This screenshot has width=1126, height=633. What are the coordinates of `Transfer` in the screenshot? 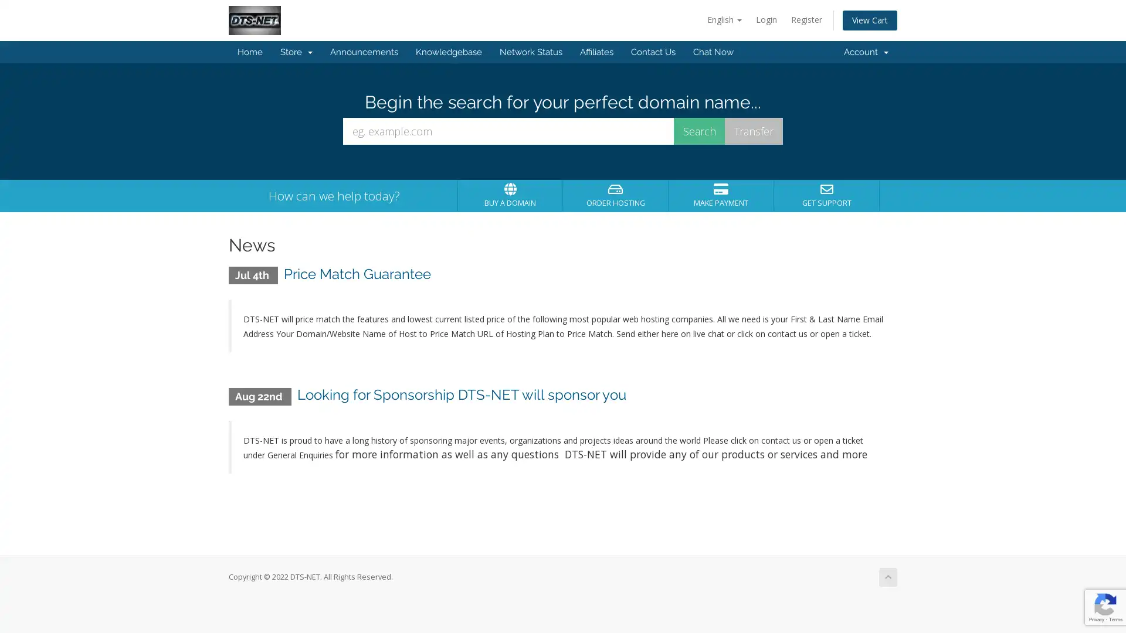 It's located at (754, 131).